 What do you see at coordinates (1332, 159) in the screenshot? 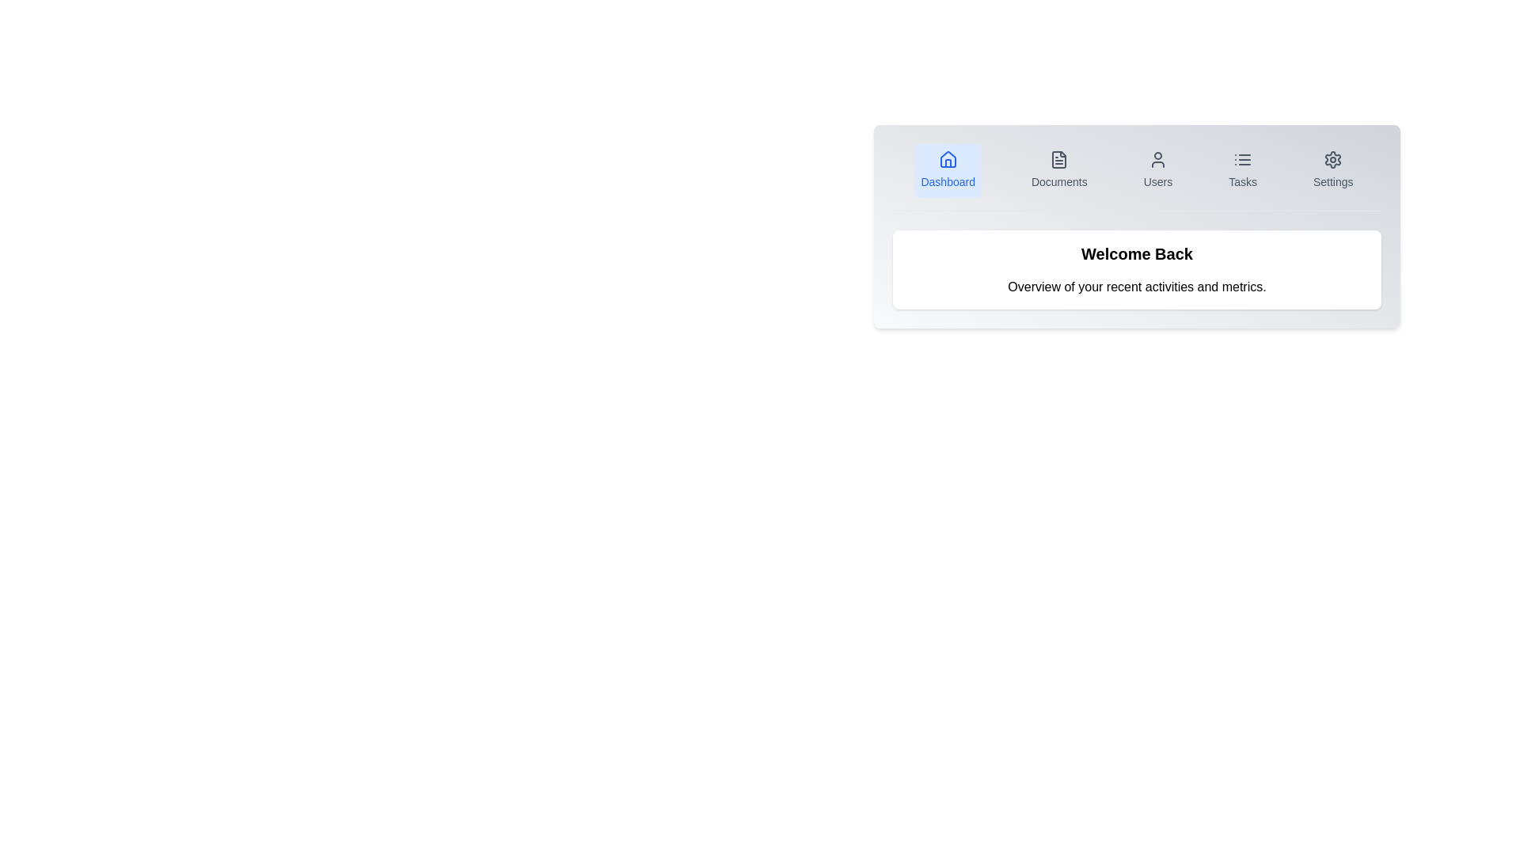
I see `the cogwheel settings icon located at the rightmost position in the horizontal navigation bar at the top-center of the interface` at bounding box center [1332, 159].